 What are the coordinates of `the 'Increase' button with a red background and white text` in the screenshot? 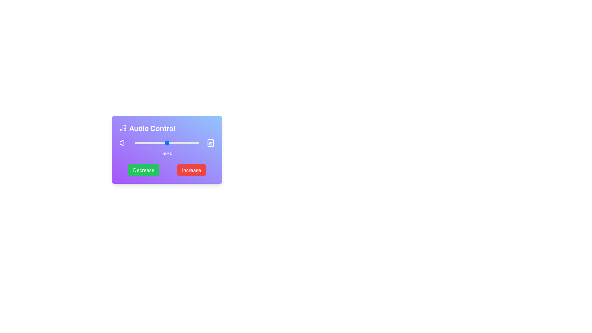 It's located at (191, 170).